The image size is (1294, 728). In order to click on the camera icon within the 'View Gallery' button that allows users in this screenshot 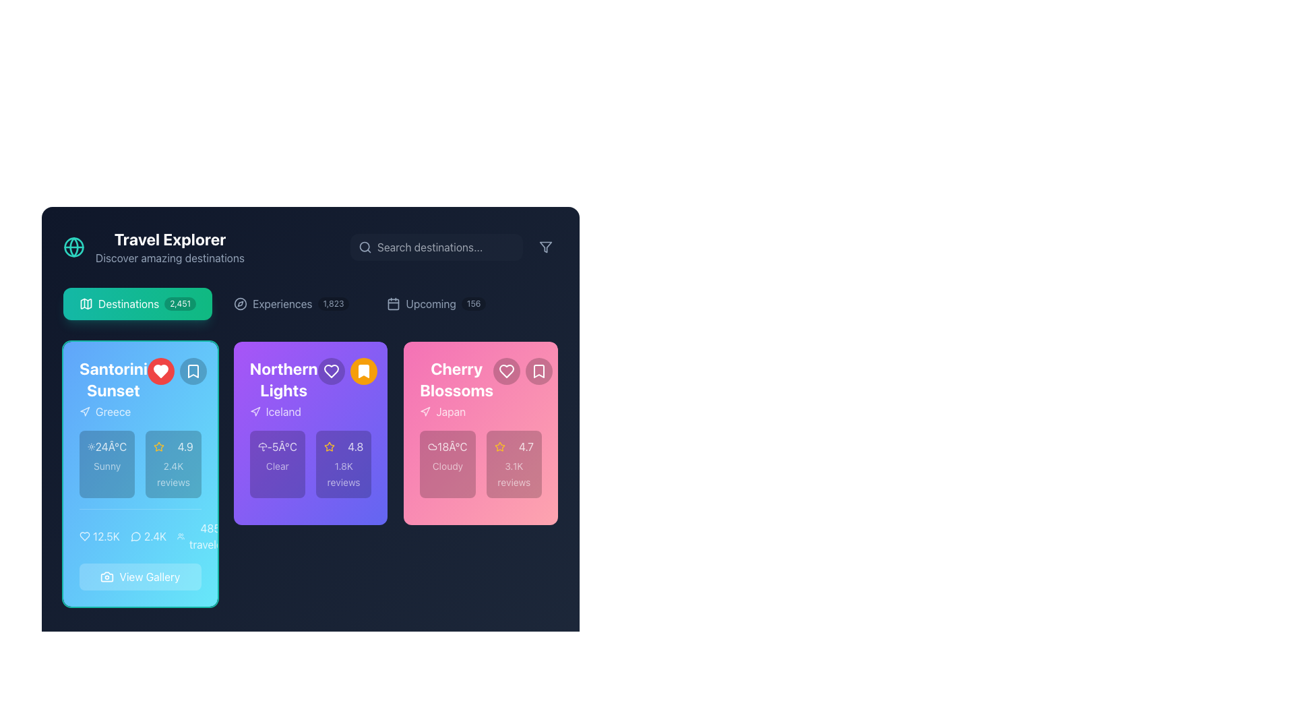, I will do `click(106, 576)`.